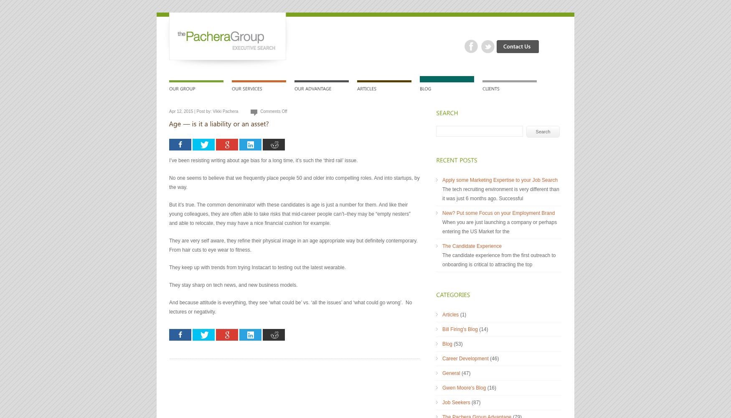  What do you see at coordinates (475, 402) in the screenshot?
I see `'(87)'` at bounding box center [475, 402].